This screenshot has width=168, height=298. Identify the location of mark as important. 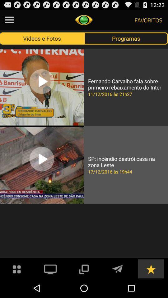
(151, 268).